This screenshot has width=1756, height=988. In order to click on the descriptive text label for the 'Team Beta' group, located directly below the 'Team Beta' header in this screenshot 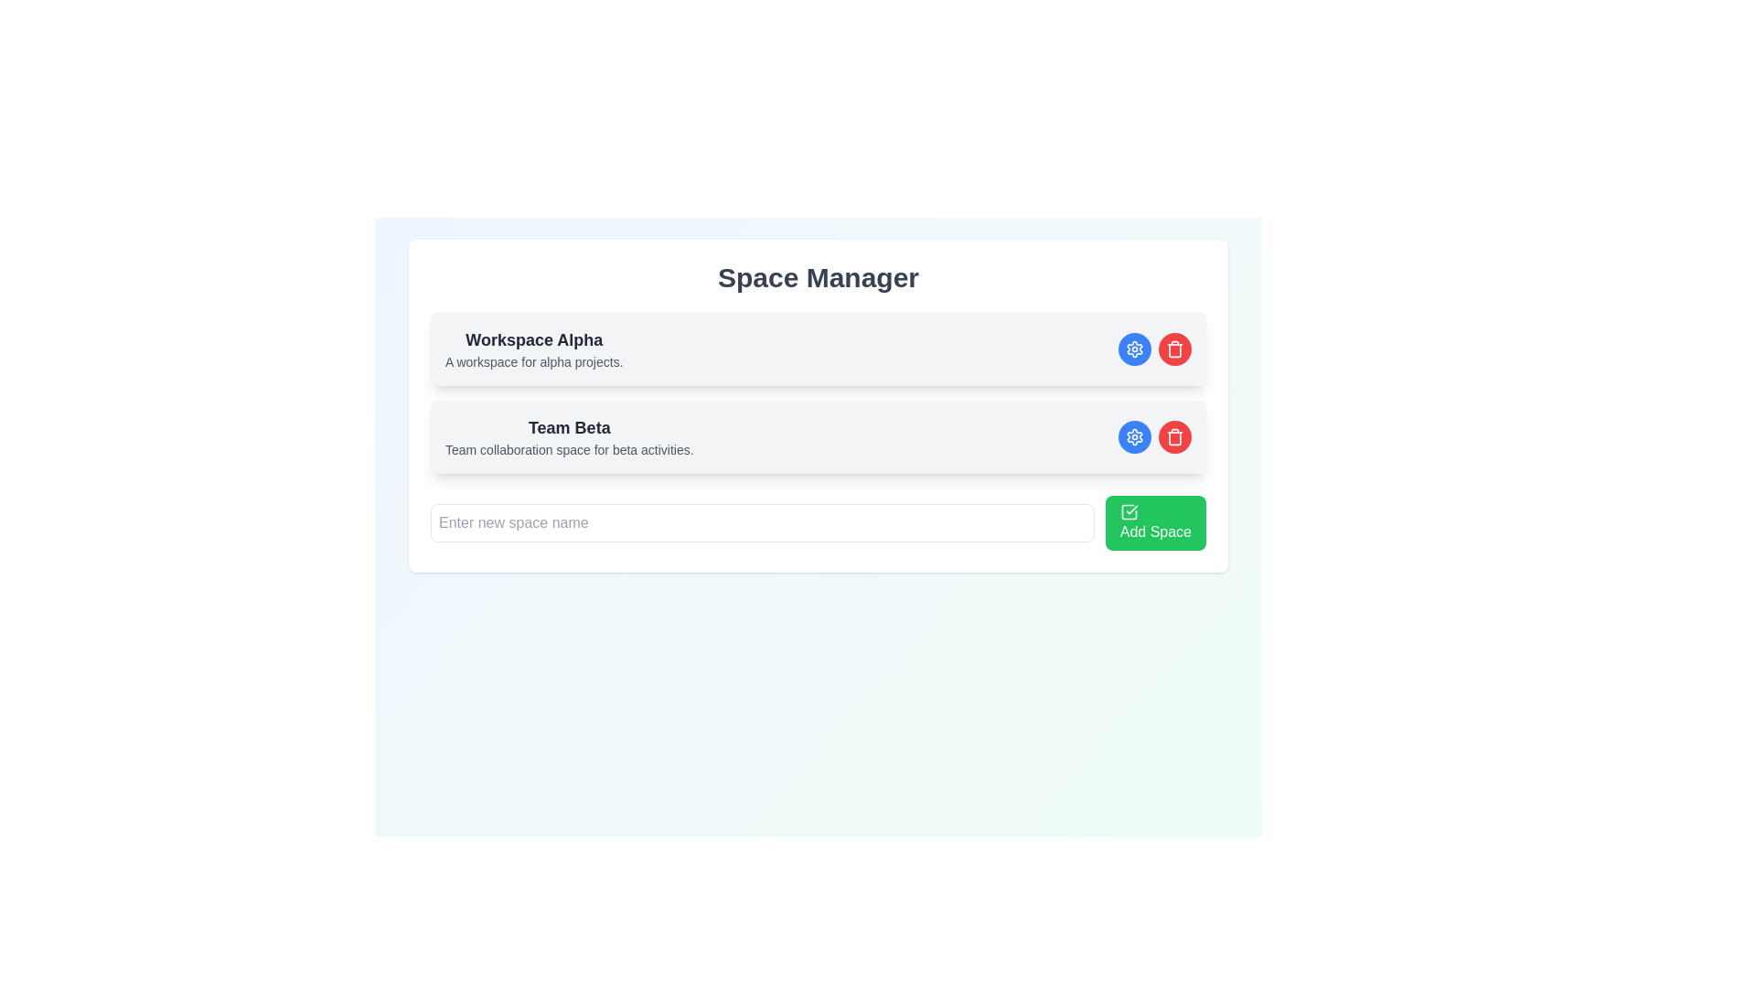, I will do `click(568, 450)`.